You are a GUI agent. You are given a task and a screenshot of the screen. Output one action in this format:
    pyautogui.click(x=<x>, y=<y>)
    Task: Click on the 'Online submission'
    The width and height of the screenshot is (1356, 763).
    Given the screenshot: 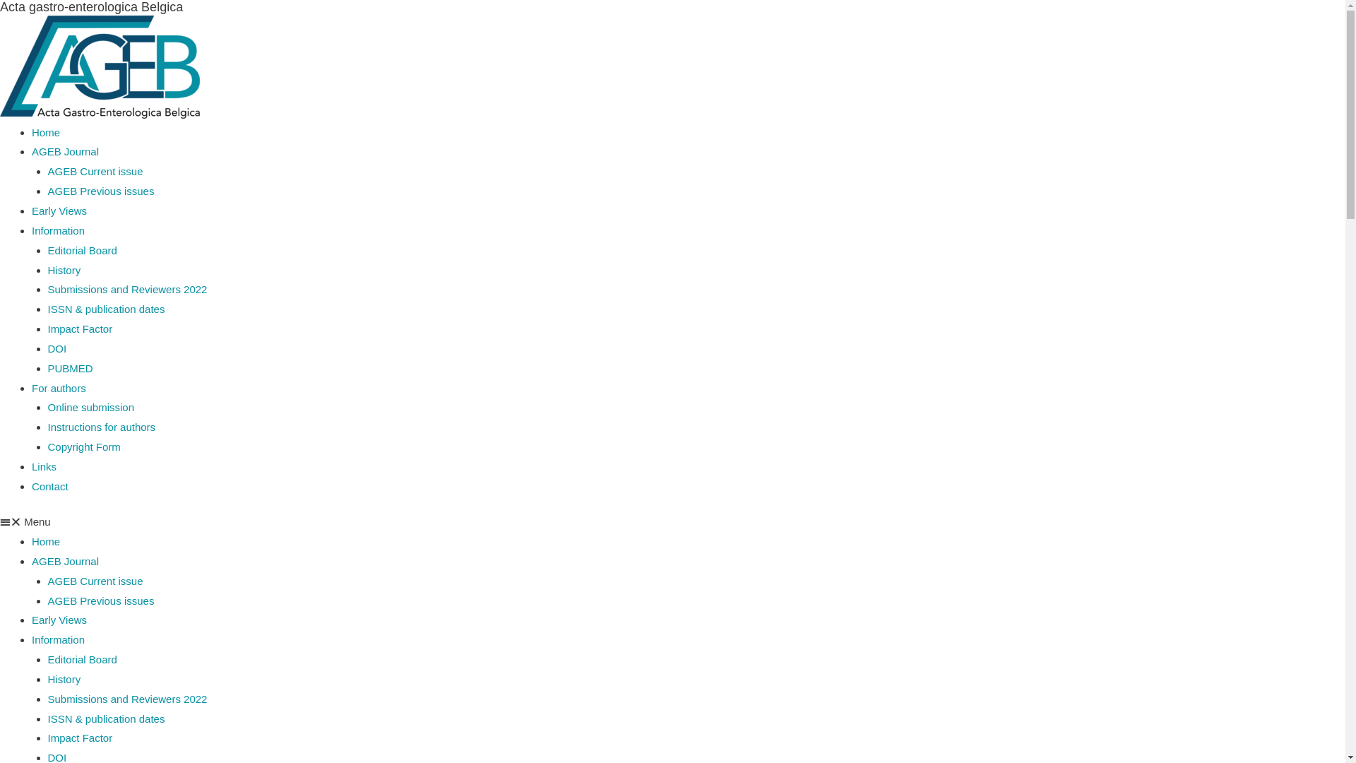 What is the action you would take?
    pyautogui.click(x=90, y=407)
    